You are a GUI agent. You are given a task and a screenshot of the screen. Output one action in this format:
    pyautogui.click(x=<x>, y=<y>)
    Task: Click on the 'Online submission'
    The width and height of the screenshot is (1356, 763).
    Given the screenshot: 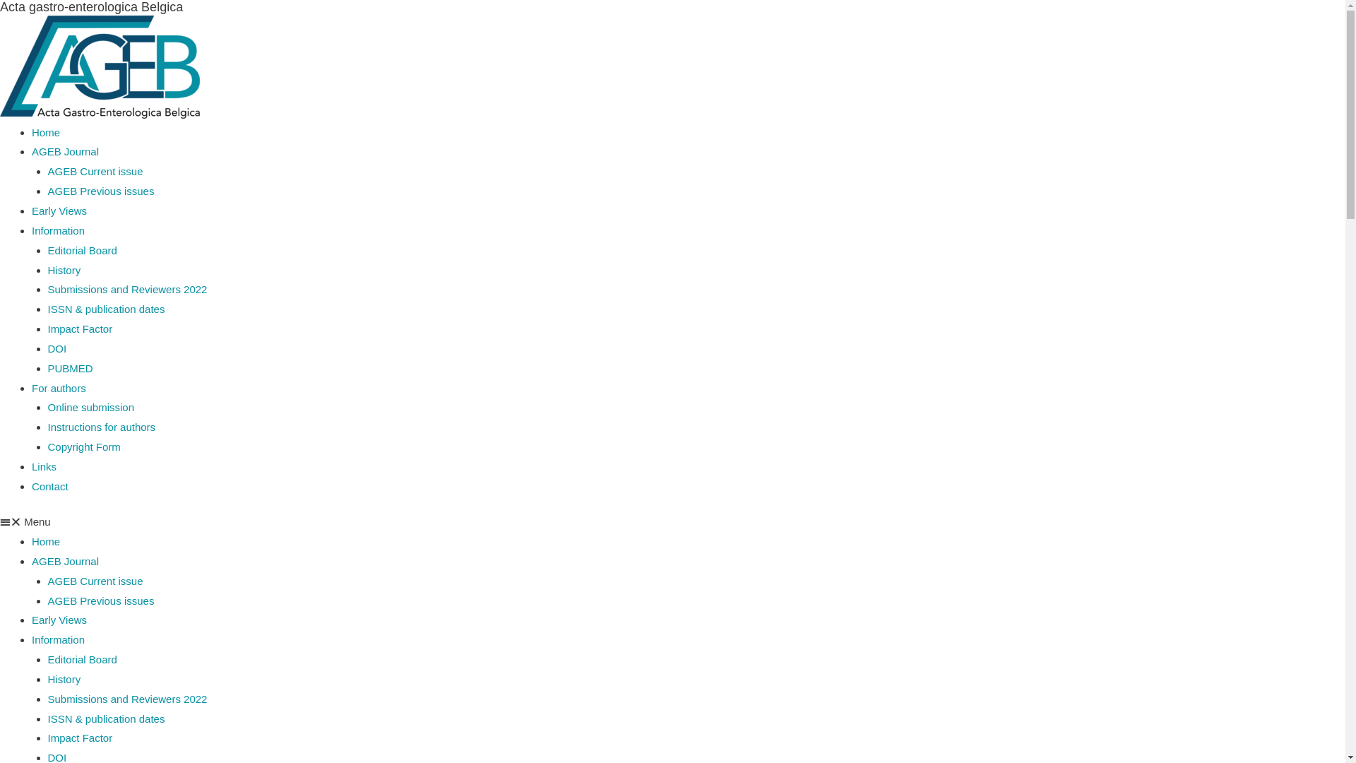 What is the action you would take?
    pyautogui.click(x=90, y=407)
    